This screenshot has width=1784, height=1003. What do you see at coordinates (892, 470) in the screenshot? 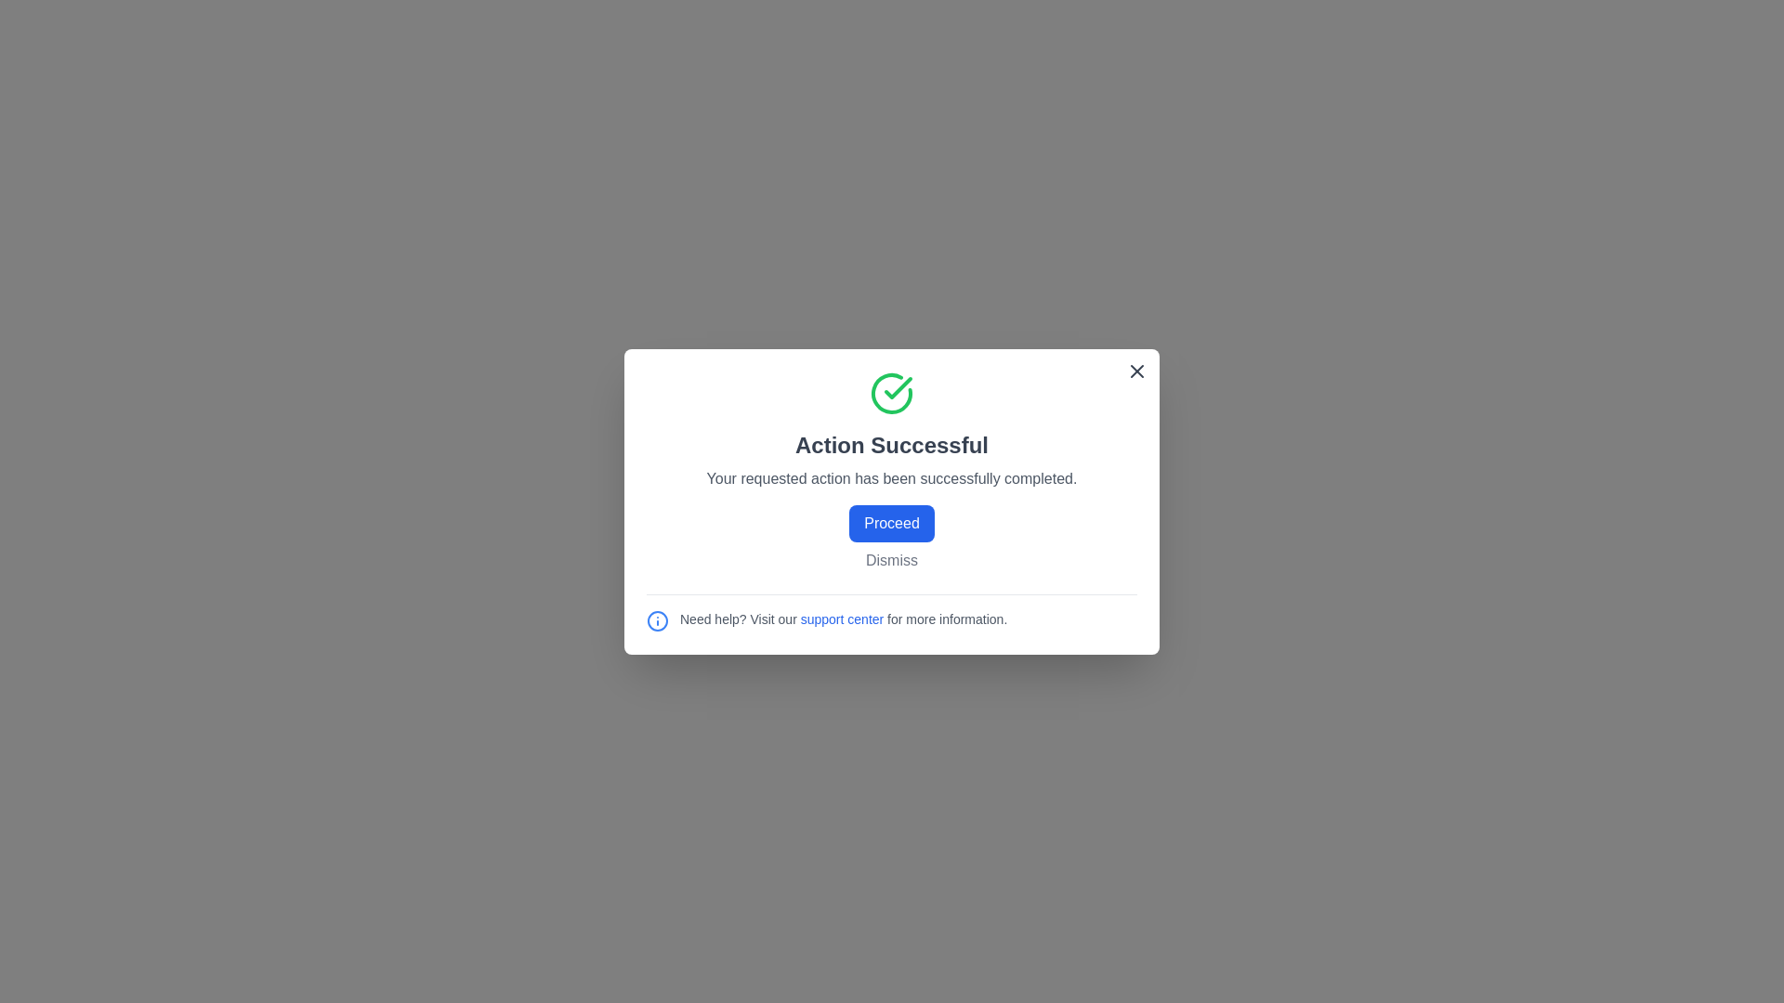
I see `displayed message in the Modal Content Panel that indicates a successfully completed action` at bounding box center [892, 470].